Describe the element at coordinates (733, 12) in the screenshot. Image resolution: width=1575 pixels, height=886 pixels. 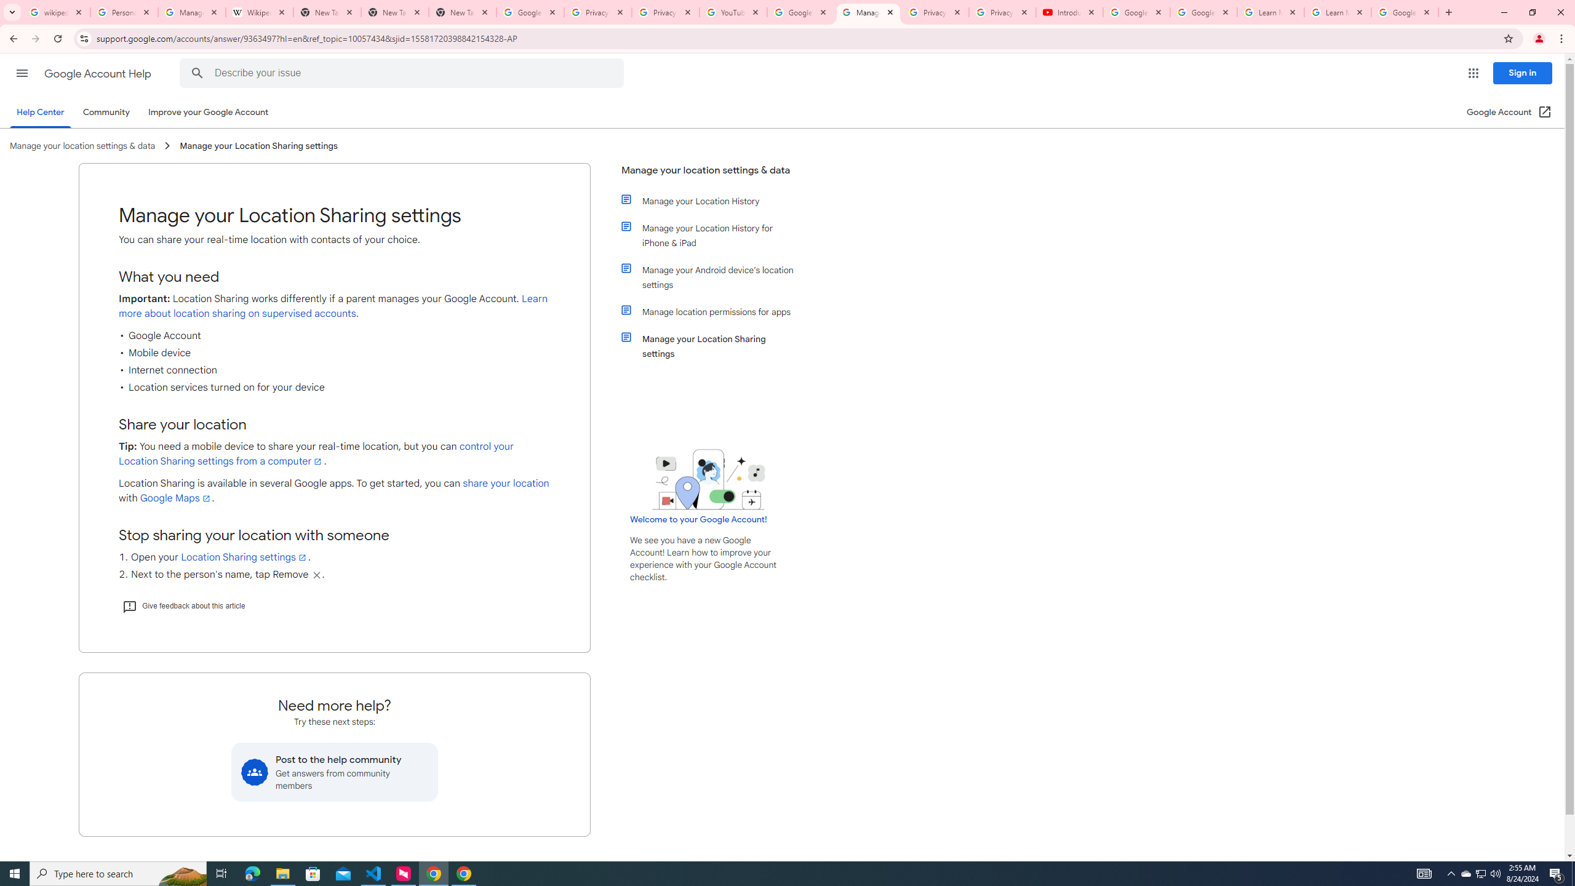
I see `'YouTube'` at that location.